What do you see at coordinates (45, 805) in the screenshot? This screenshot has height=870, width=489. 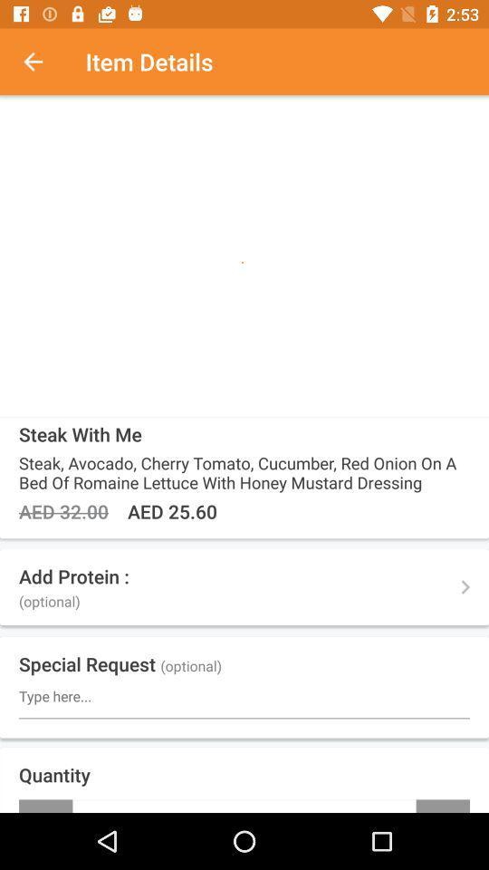 I see `icon below quantity item` at bounding box center [45, 805].